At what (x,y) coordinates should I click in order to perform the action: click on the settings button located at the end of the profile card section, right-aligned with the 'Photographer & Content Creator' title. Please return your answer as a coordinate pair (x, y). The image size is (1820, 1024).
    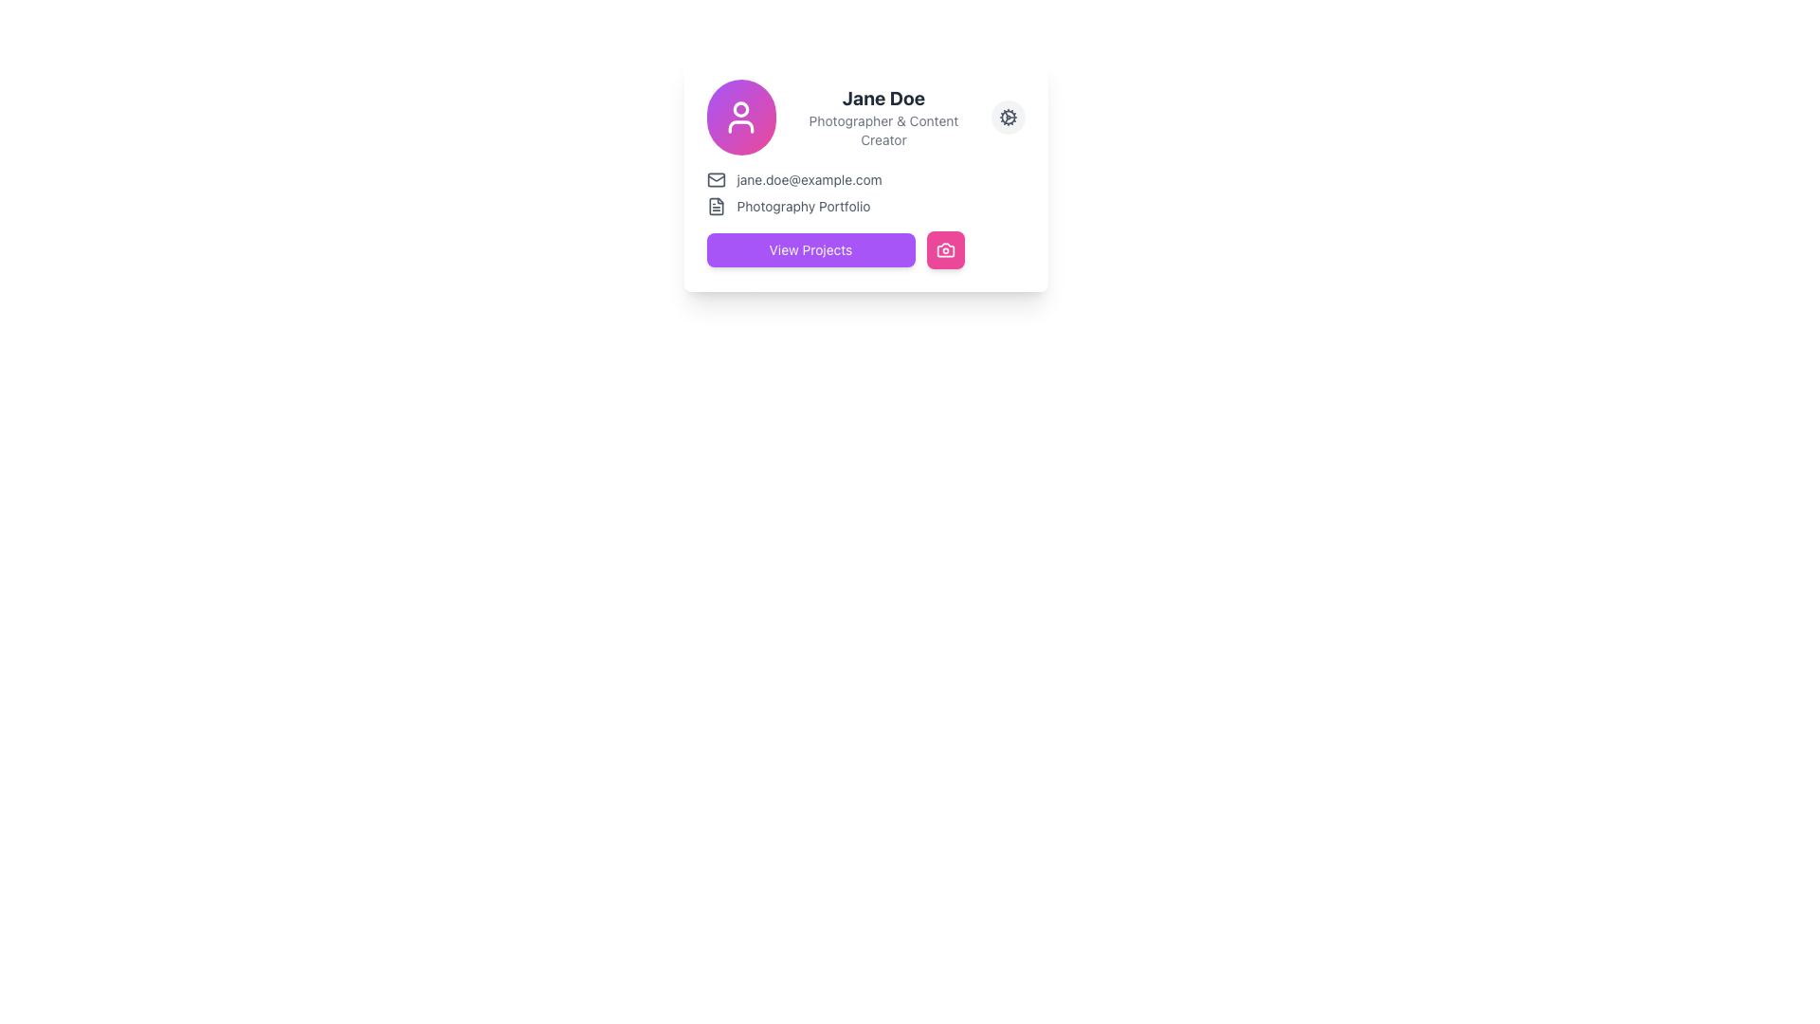
    Looking at the image, I should click on (1007, 117).